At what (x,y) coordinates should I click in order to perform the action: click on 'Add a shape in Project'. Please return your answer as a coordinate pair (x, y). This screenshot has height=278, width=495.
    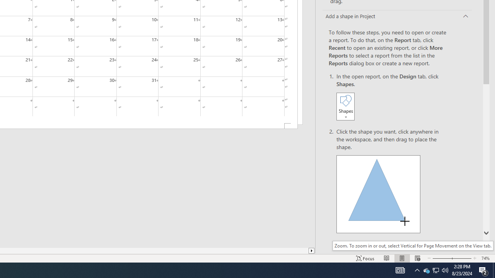
    Looking at the image, I should click on (397, 17).